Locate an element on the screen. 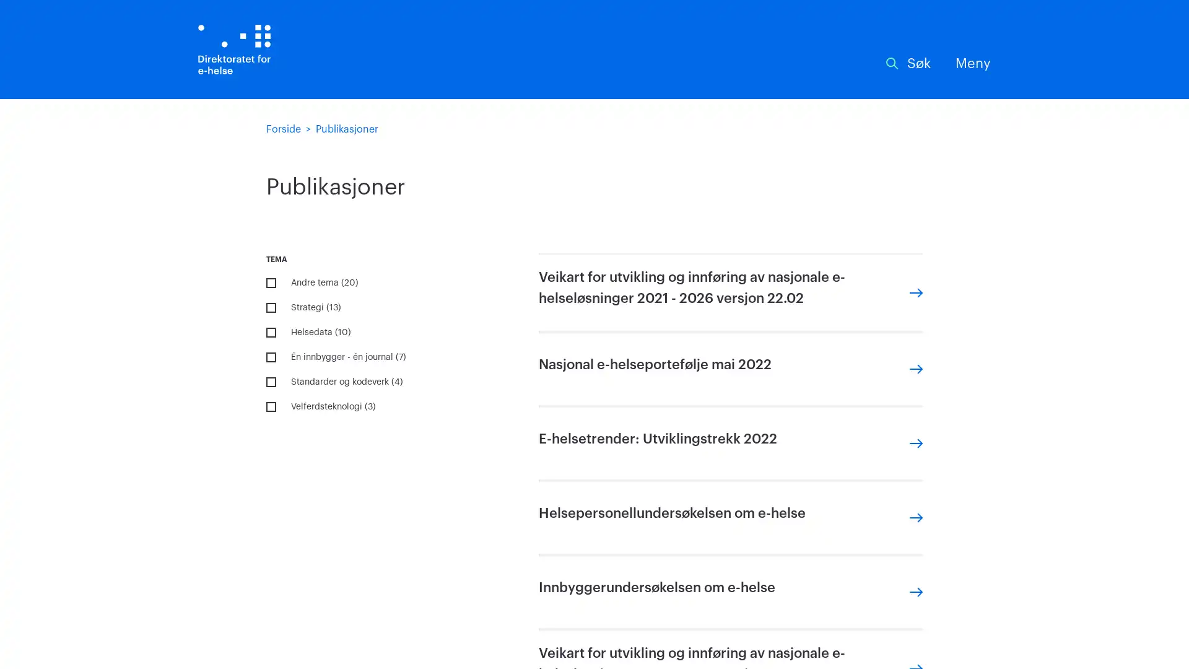 This screenshot has width=1189, height=669. Meny is located at coordinates (972, 64).